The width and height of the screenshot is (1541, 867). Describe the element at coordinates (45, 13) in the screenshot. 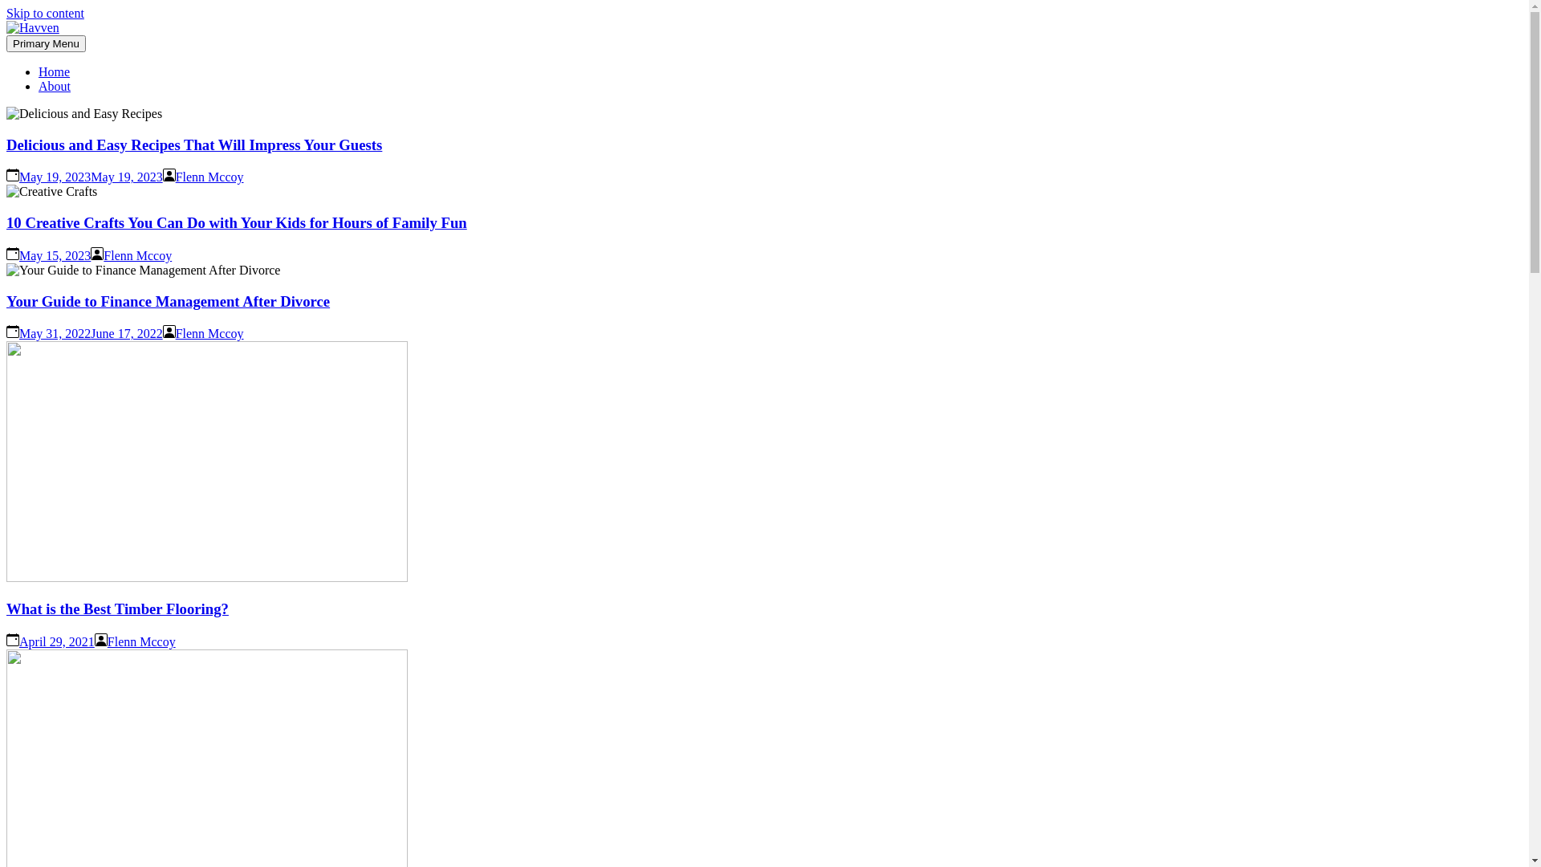

I see `'Skip to content'` at that location.